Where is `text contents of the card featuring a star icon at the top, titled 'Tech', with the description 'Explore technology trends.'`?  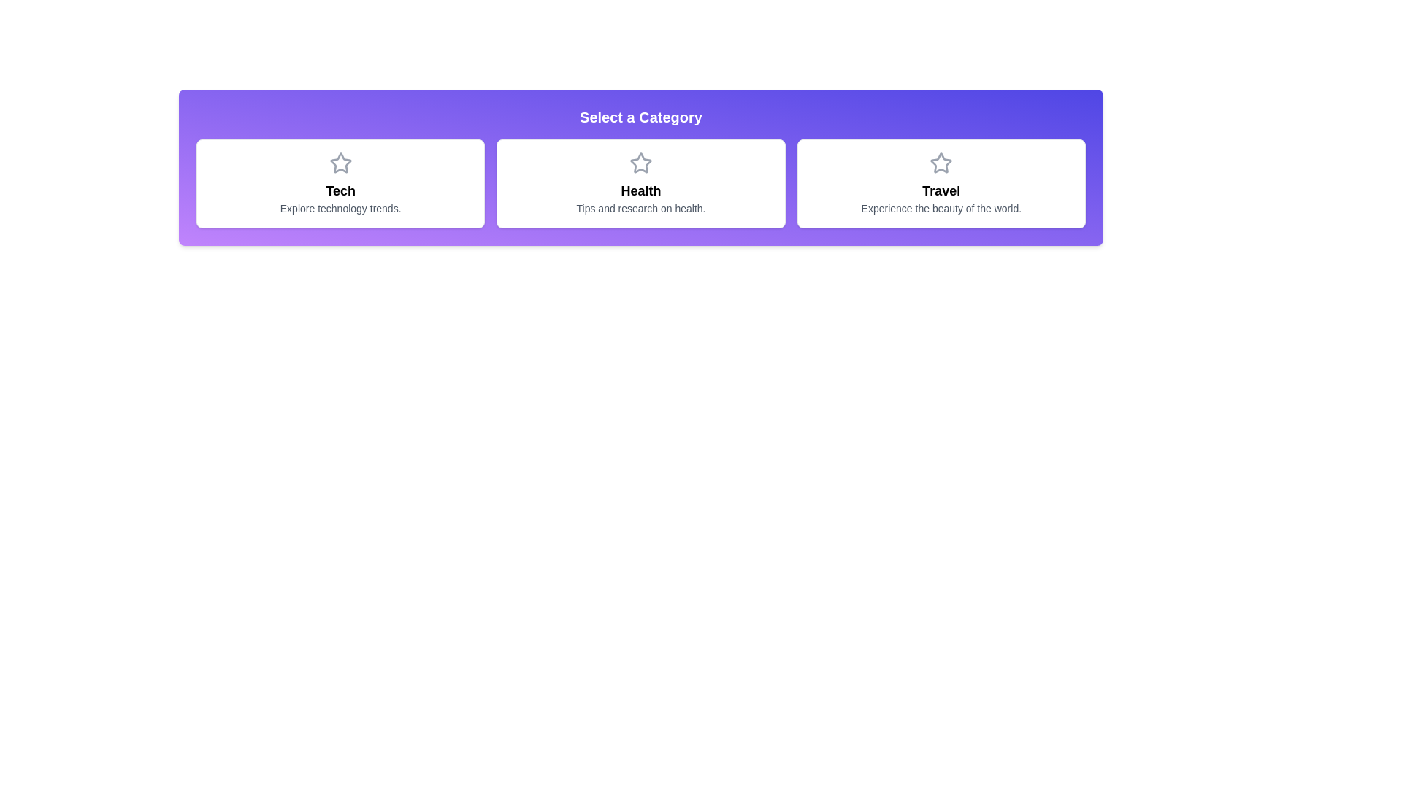 text contents of the card featuring a star icon at the top, titled 'Tech', with the description 'Explore technology trends.' is located at coordinates (340, 182).